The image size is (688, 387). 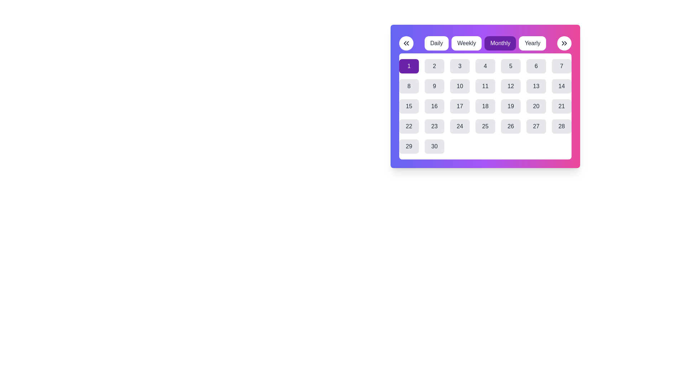 What do you see at coordinates (485, 126) in the screenshot?
I see `the clickable button representing the calendar day 25` at bounding box center [485, 126].